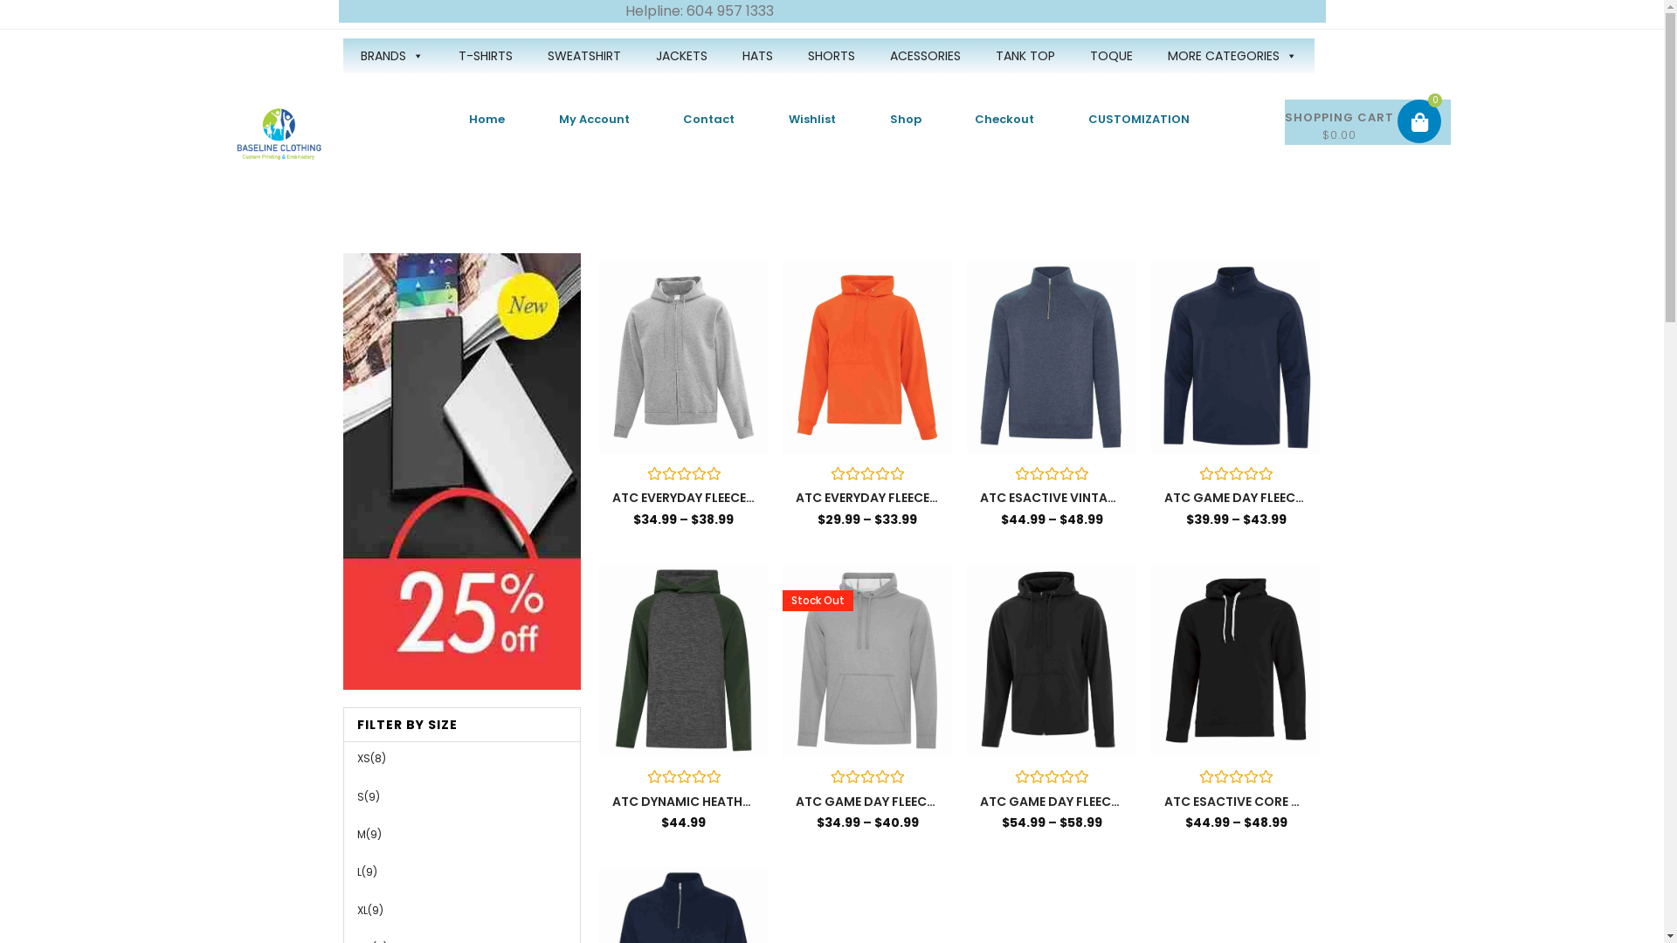 Image resolution: width=1677 pixels, height=943 pixels. I want to click on '$0.00', so click(1367, 120).